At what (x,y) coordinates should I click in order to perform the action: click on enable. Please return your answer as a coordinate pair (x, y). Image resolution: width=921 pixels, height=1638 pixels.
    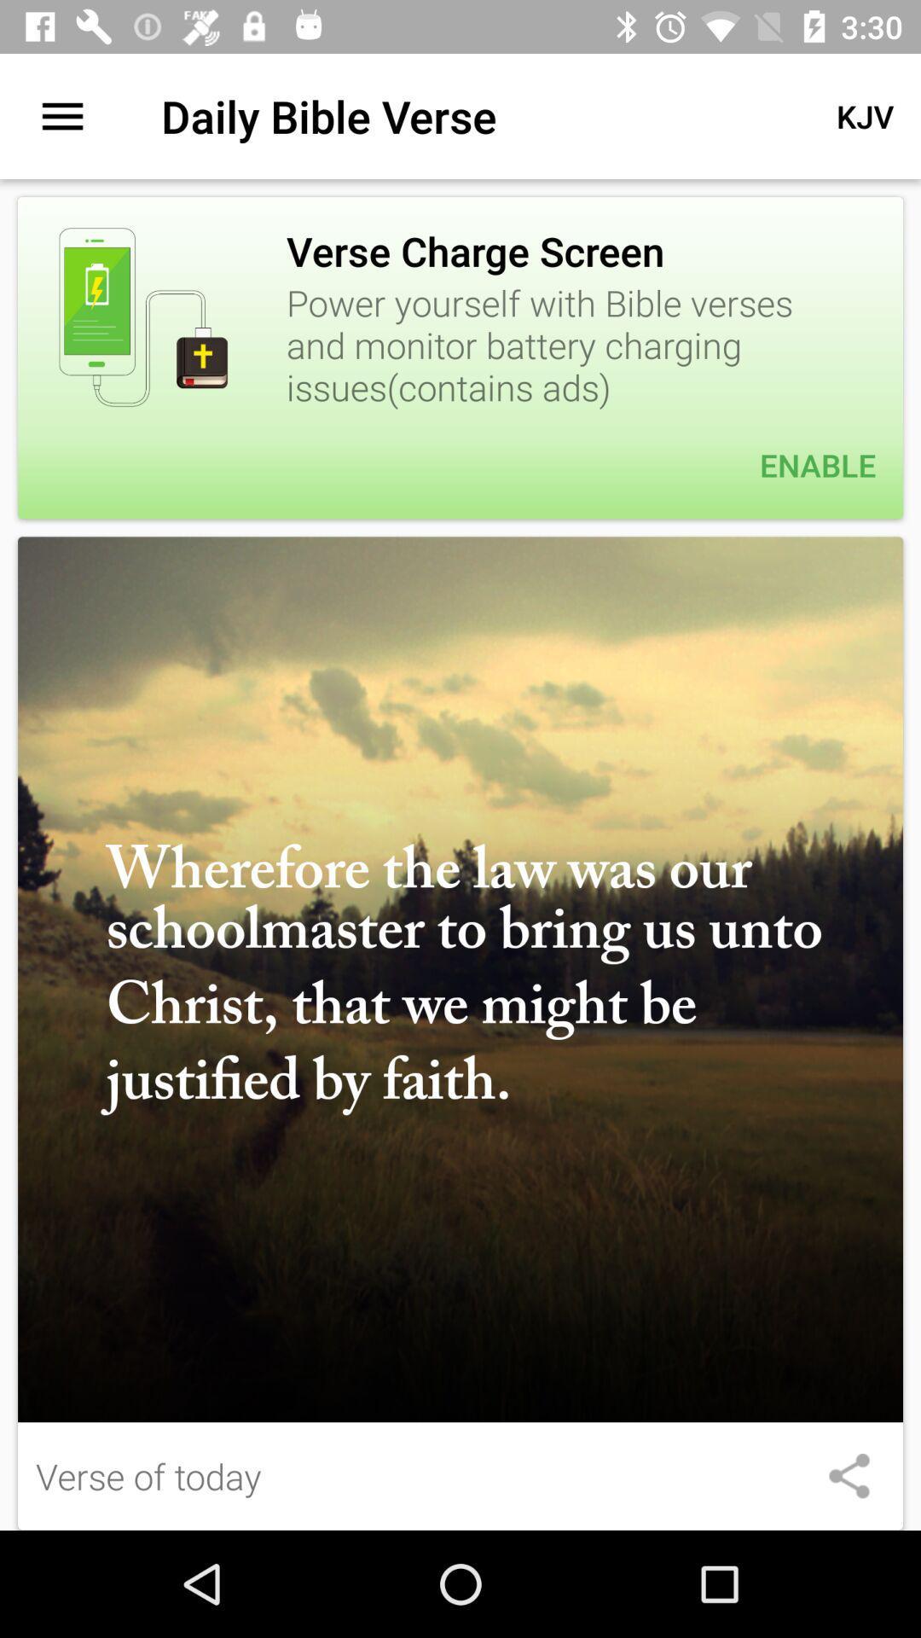
    Looking at the image, I should click on (460, 465).